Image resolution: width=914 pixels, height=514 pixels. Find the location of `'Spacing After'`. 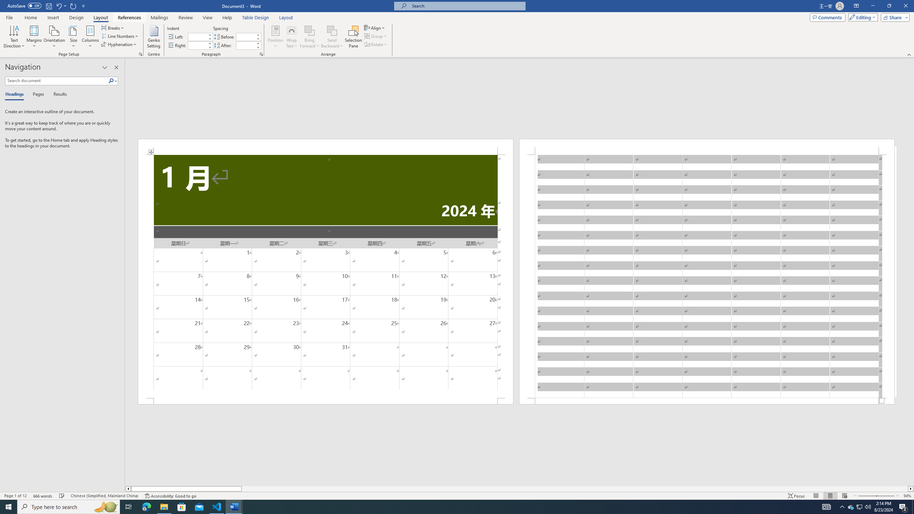

'Spacing After' is located at coordinates (246, 45).